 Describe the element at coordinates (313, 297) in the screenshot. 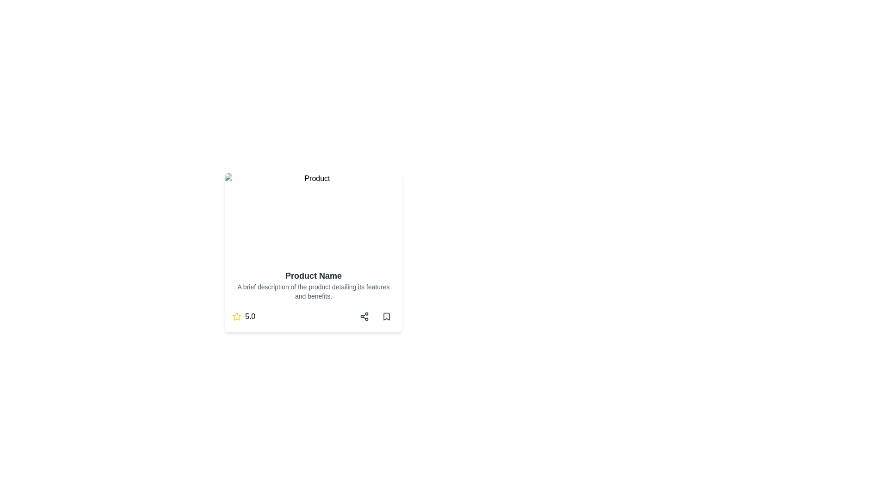

I see `textual description box titled 'Product Name', located at the bottom area of the product card layout, below the image section and above the sharing icons` at that location.